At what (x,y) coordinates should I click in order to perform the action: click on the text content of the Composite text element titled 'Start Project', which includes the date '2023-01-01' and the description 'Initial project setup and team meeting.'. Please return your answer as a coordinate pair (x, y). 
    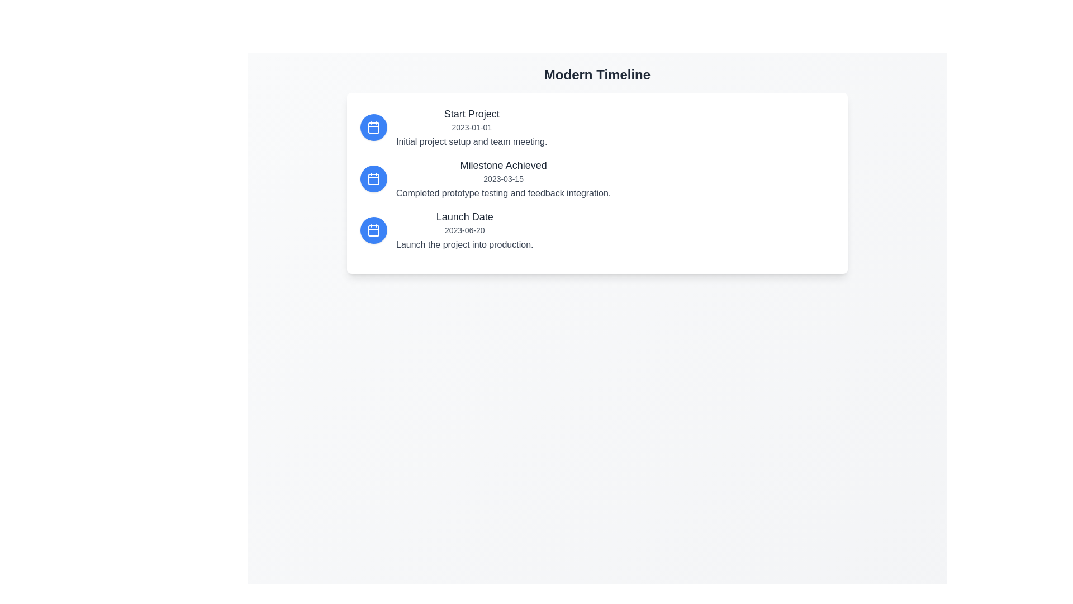
    Looking at the image, I should click on (472, 126).